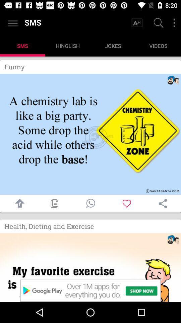 Image resolution: width=181 pixels, height=323 pixels. I want to click on see advertisement, so click(90, 290).